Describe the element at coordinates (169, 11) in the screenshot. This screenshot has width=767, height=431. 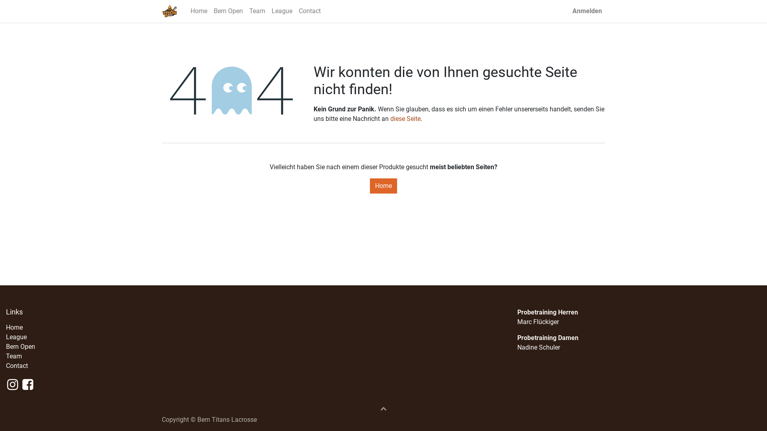
I see `'Bern Lacrosse'` at that location.